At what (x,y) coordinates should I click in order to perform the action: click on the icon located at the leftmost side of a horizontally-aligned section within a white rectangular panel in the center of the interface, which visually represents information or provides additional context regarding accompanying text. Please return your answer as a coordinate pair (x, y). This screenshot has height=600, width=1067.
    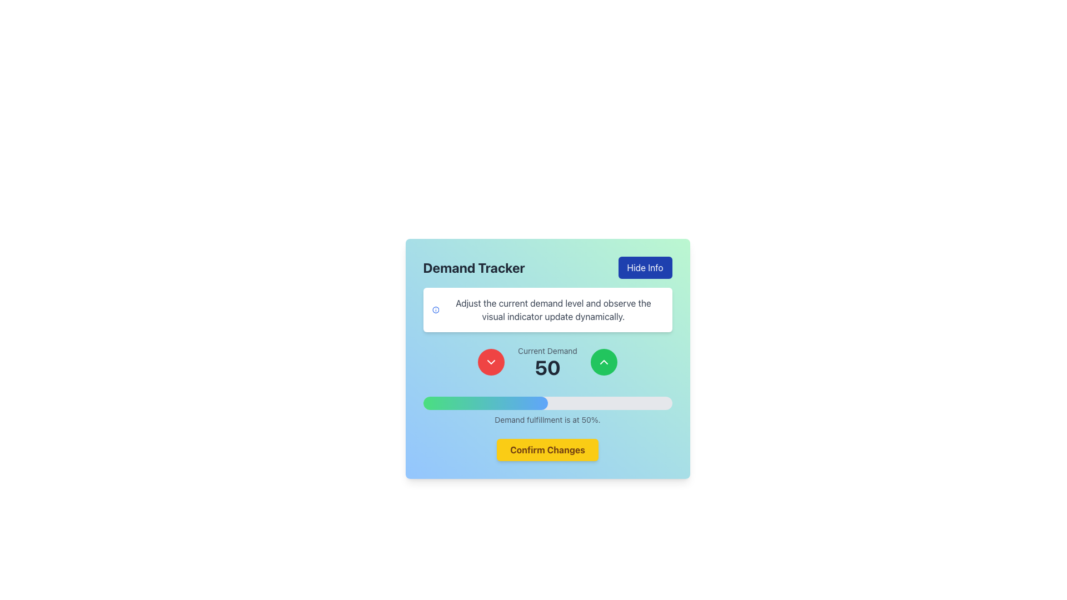
    Looking at the image, I should click on (435, 310).